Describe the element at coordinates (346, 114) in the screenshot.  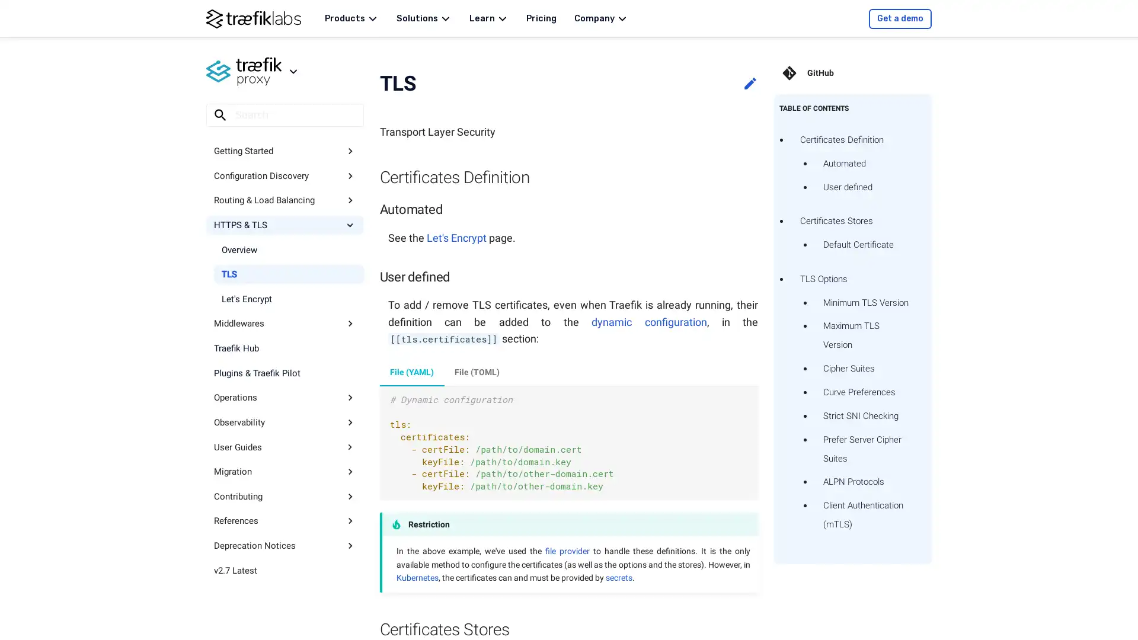
I see `Clear` at that location.